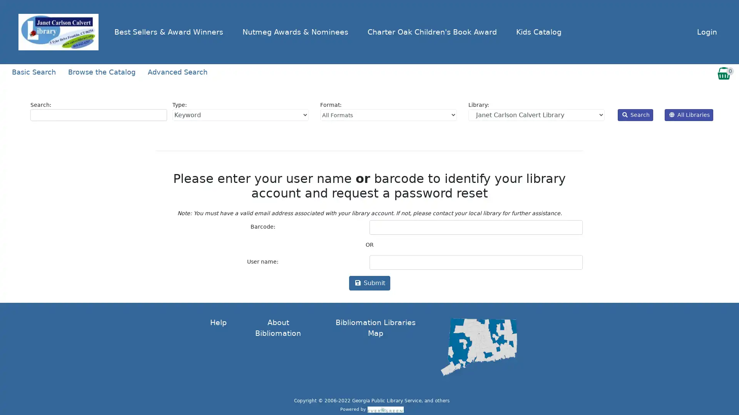 Image resolution: width=739 pixels, height=415 pixels. What do you see at coordinates (369, 283) in the screenshot?
I see `Submit` at bounding box center [369, 283].